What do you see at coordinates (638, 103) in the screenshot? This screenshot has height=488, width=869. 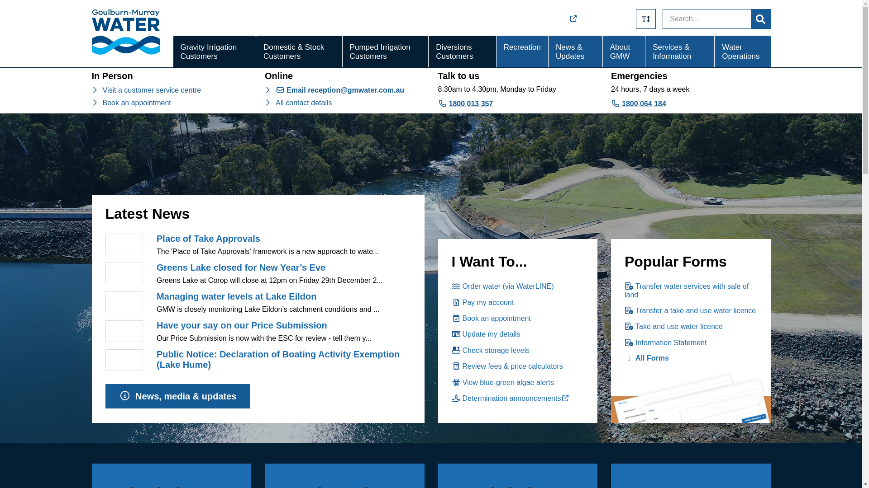 I see `'1800 064 184'` at bounding box center [638, 103].